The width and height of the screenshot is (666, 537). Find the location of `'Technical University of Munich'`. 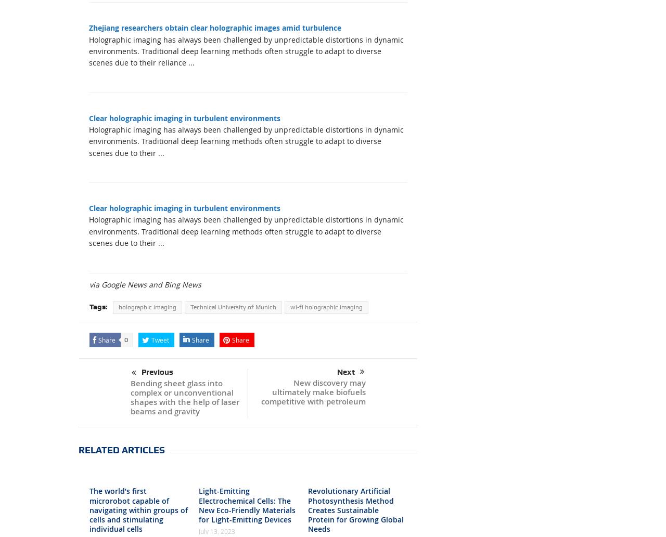

'Technical University of Munich' is located at coordinates (233, 334).